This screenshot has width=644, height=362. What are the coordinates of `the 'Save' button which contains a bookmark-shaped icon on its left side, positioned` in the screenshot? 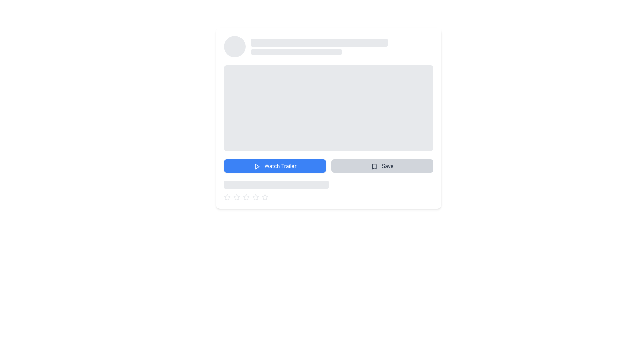 It's located at (374, 166).